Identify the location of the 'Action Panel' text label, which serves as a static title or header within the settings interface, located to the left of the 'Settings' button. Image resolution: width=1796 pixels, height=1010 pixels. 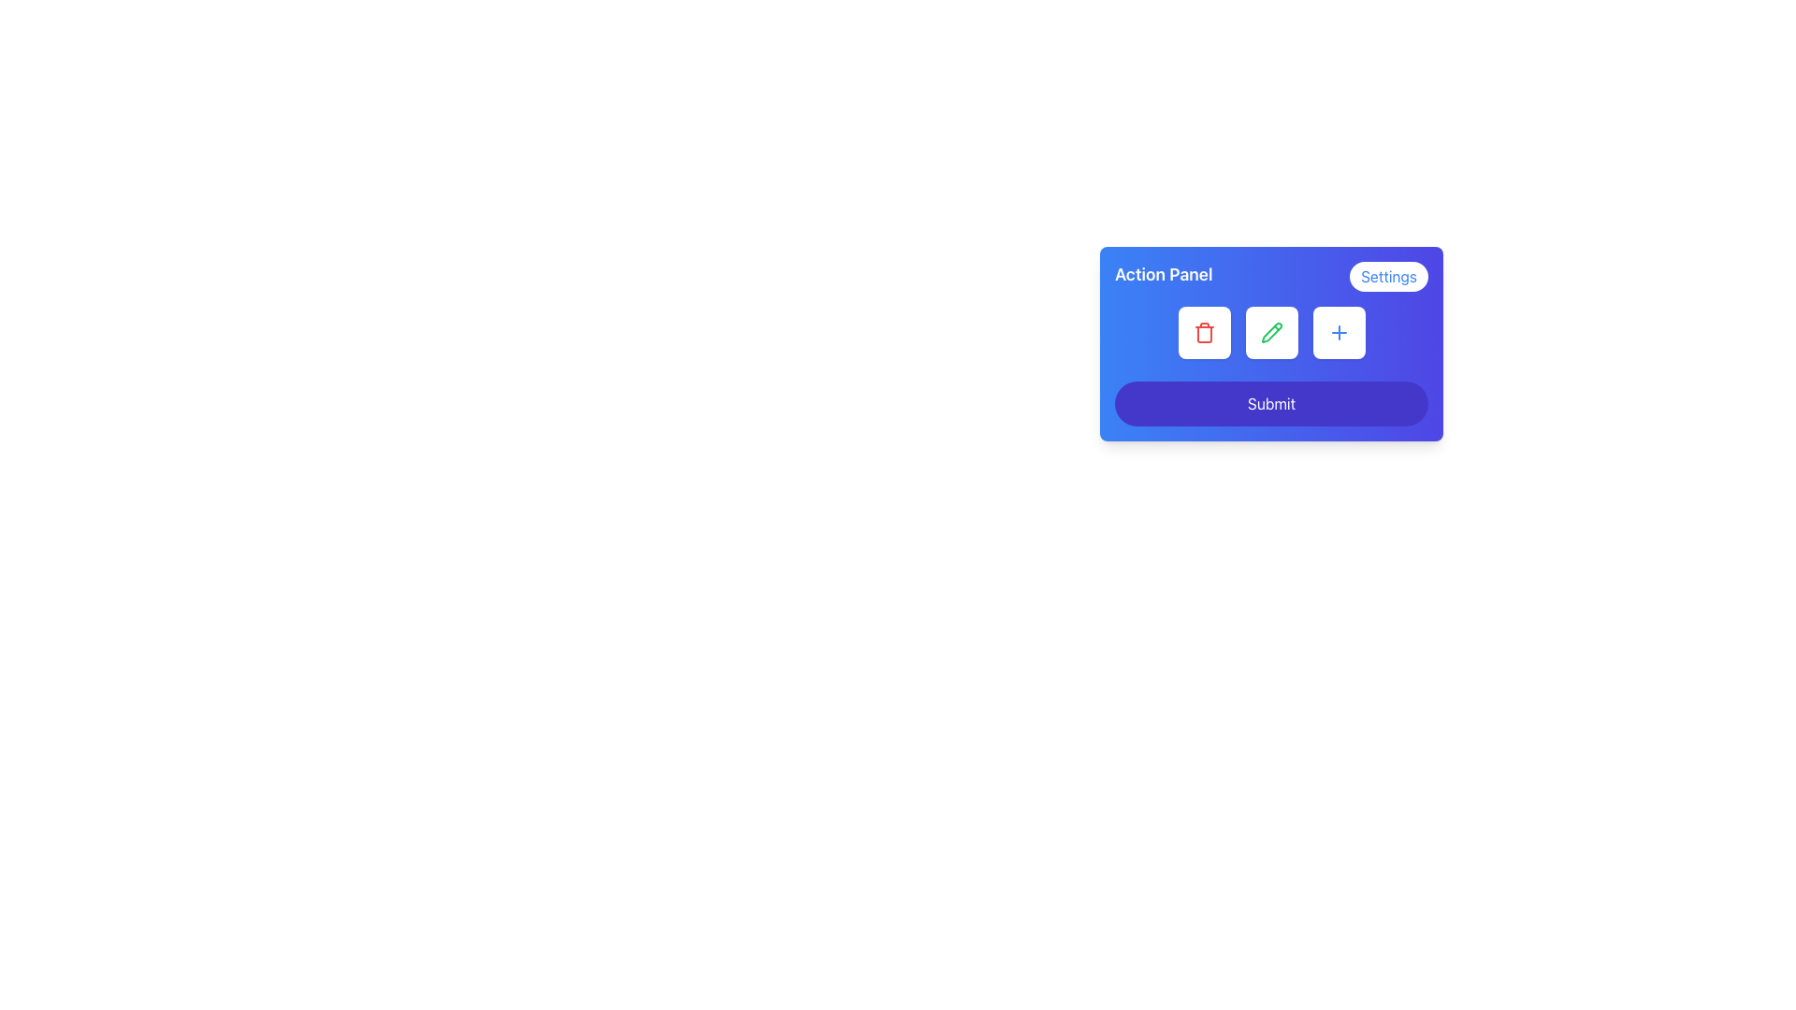
(1163, 277).